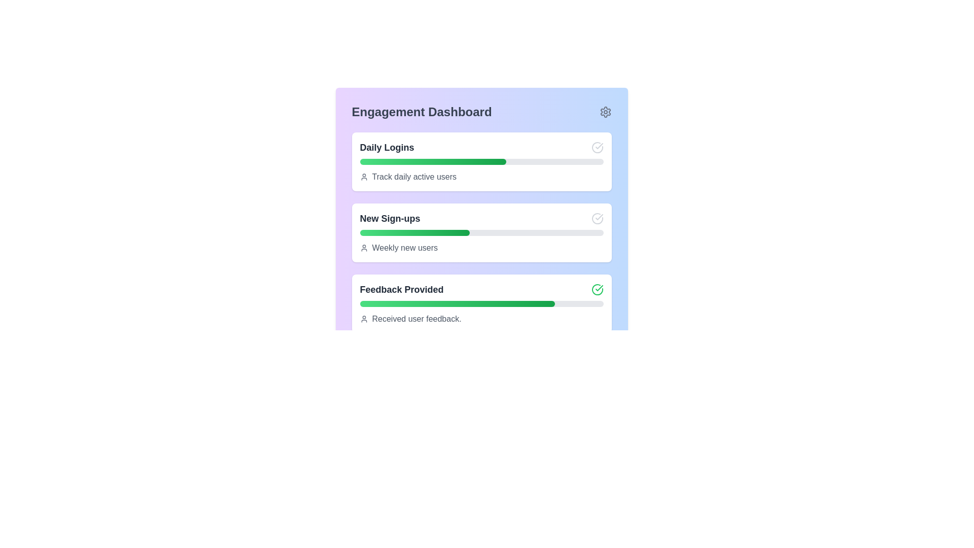 Image resolution: width=974 pixels, height=548 pixels. Describe the element at coordinates (364, 176) in the screenshot. I see `the small gray user icon, which is a simplistic silhouette of a person, located to the left of the text 'Track daily active users' in the 'Daily Logins' card` at that location.